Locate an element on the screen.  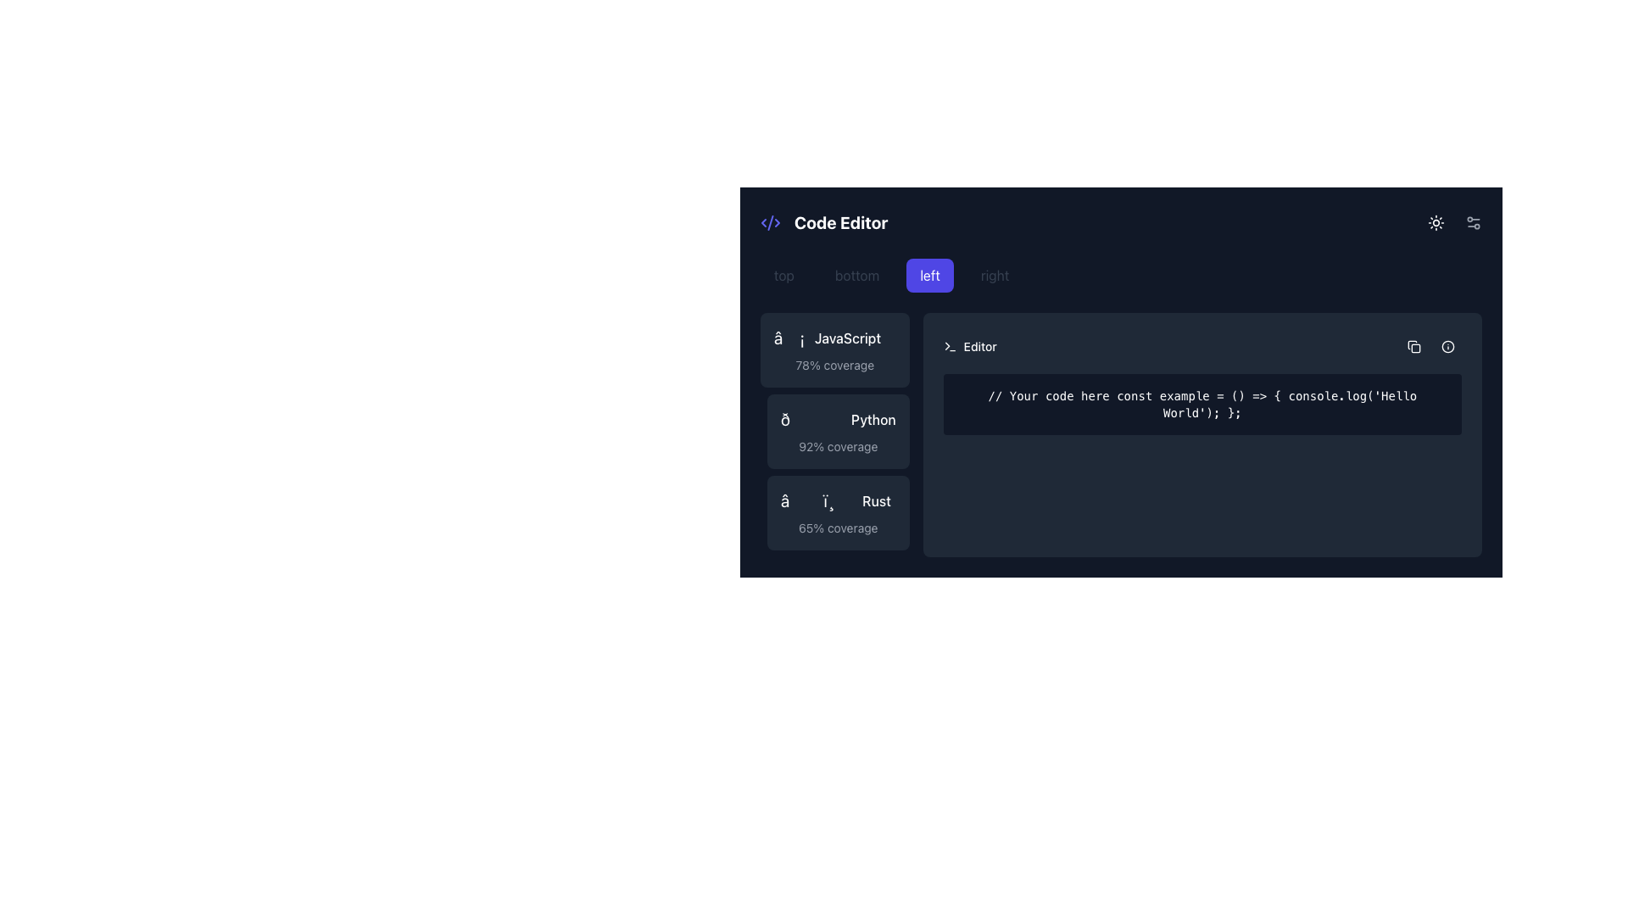
the copy icon located in the top-right corner of the editor pane is located at coordinates (1414, 345).